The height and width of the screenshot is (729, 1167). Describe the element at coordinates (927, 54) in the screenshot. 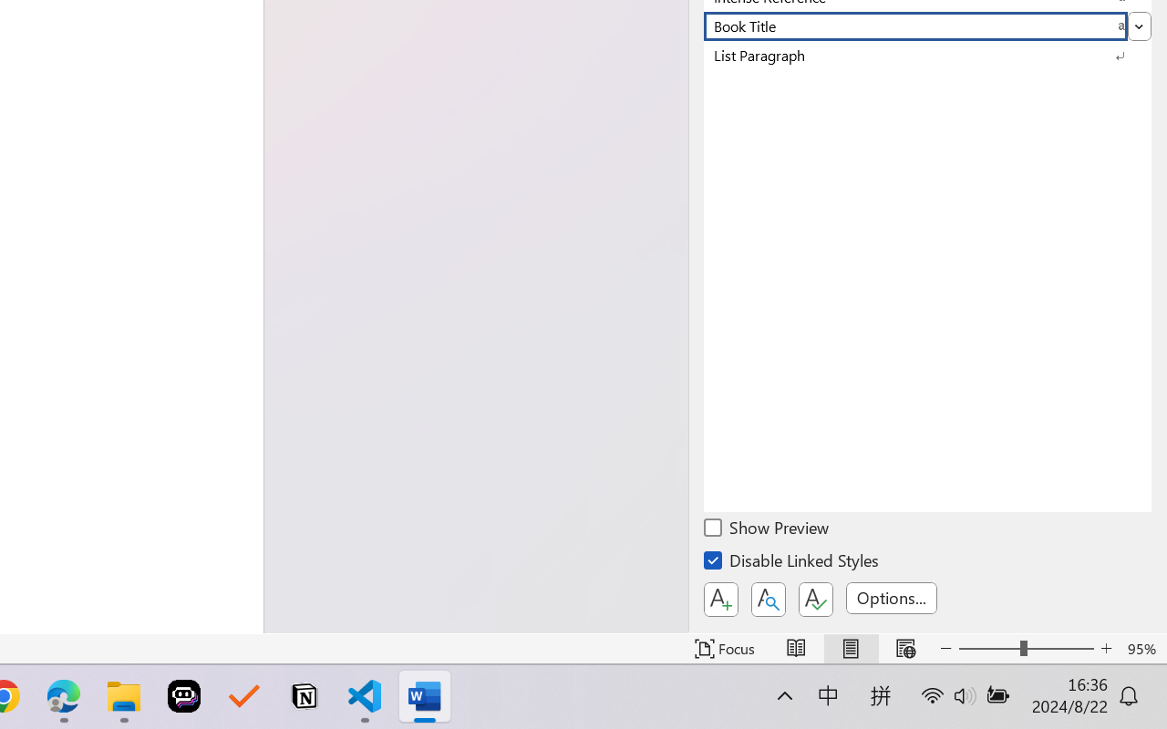

I see `'List Paragraph'` at that location.